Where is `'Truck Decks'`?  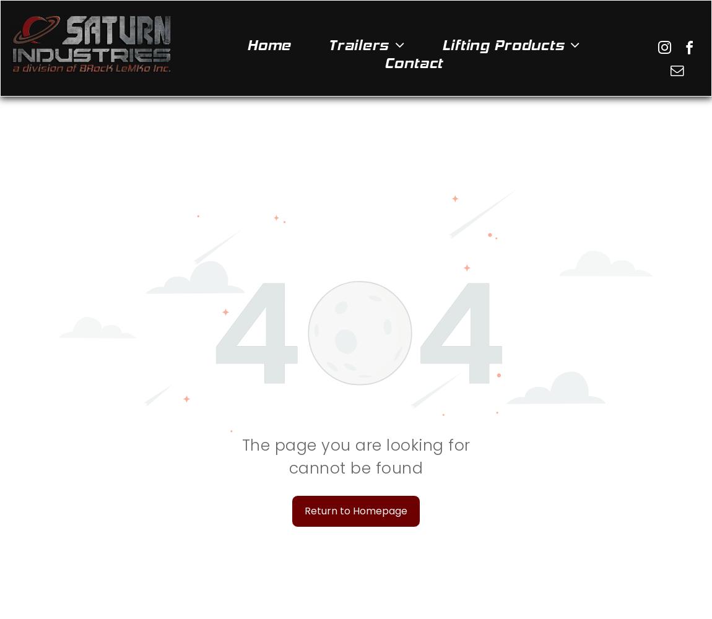
'Truck Decks' is located at coordinates (364, 383).